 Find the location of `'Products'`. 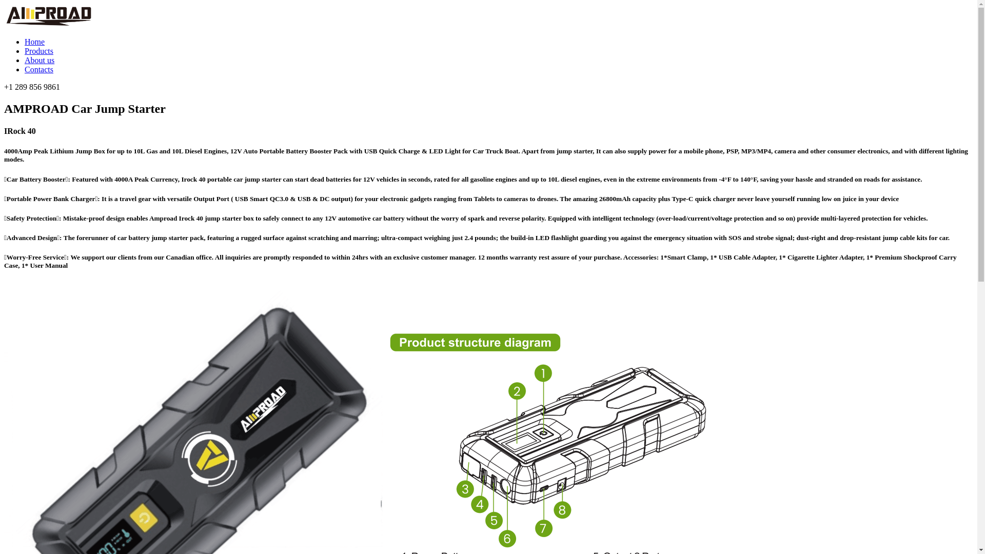

'Products' is located at coordinates (39, 51).